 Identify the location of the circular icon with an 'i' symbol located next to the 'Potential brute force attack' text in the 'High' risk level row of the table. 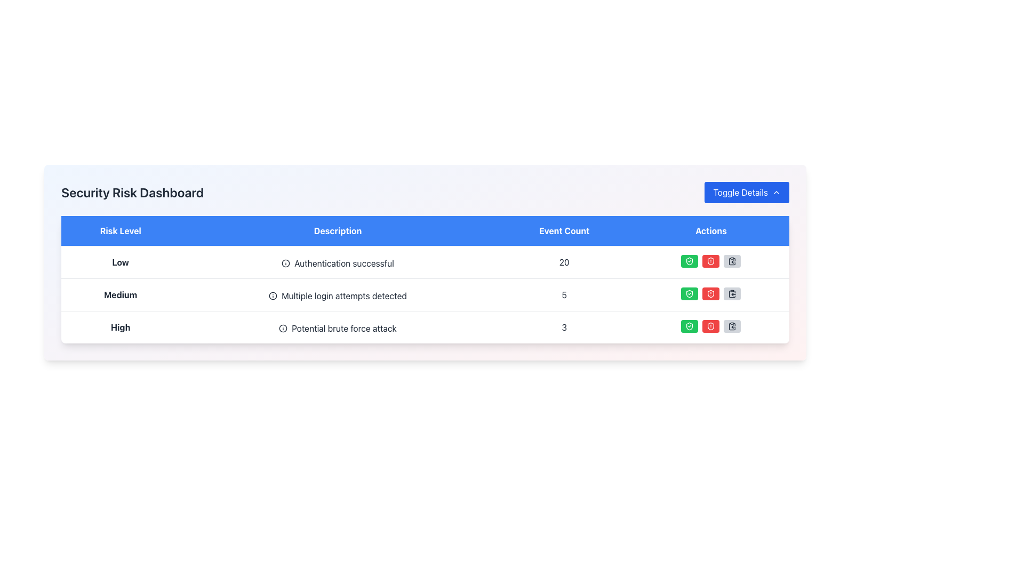
(283, 328).